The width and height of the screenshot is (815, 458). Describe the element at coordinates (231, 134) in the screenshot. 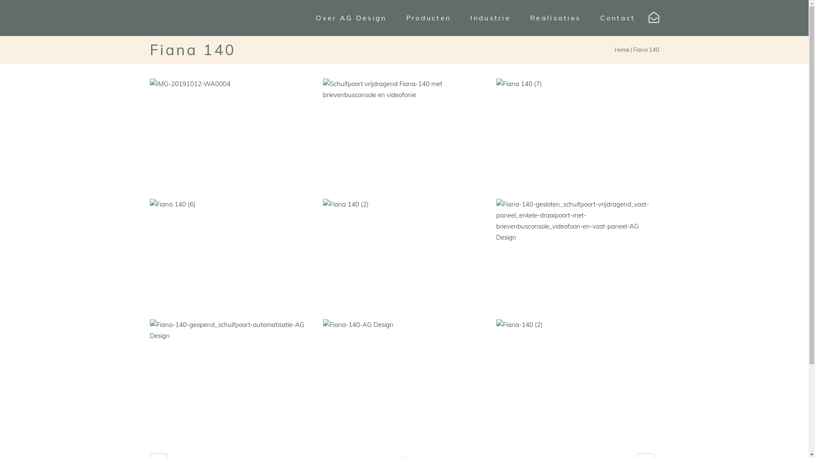

I see `'IMG-20191012-WA0004'` at that location.